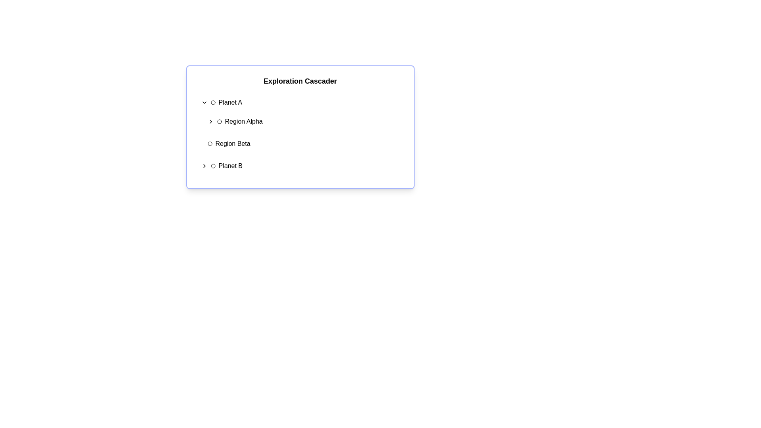  I want to click on the visual indicator icon for the 'Region Beta' list entry, which is positioned at the start of the label text, so click(210, 143).